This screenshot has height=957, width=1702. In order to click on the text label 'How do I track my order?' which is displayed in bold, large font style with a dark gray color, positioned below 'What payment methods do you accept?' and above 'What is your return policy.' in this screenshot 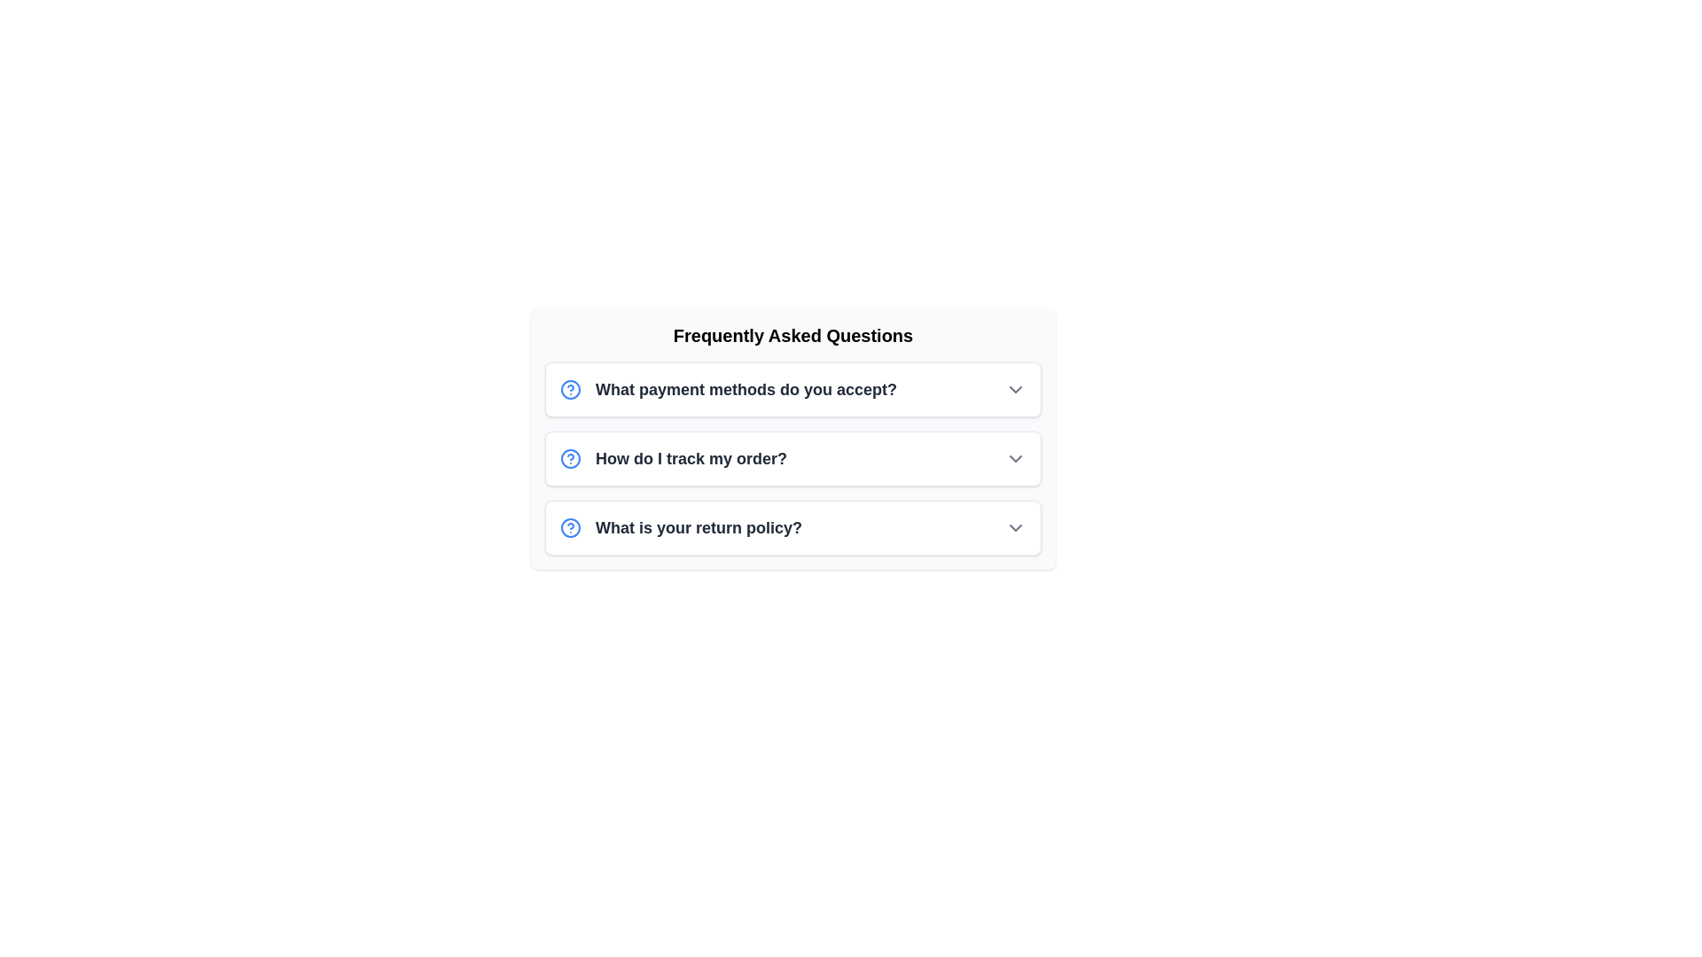, I will do `click(691, 457)`.